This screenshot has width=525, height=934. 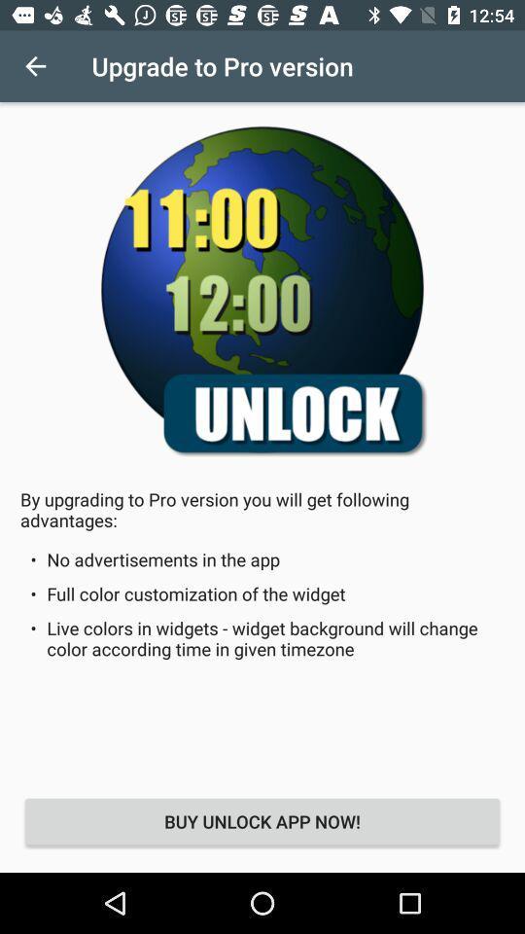 What do you see at coordinates (35, 66) in the screenshot?
I see `icon next to upgrade to pro item` at bounding box center [35, 66].